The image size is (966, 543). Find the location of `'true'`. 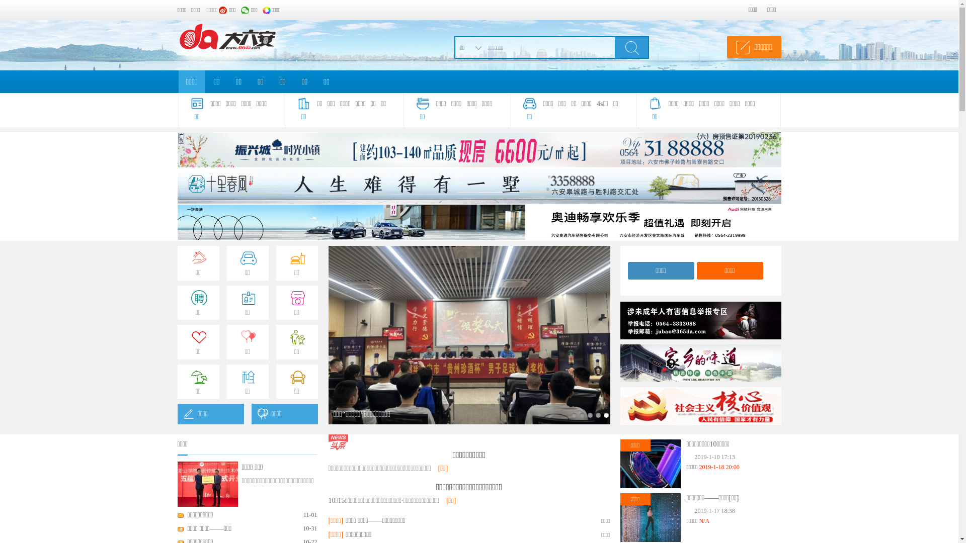

'true' is located at coordinates (630, 47).